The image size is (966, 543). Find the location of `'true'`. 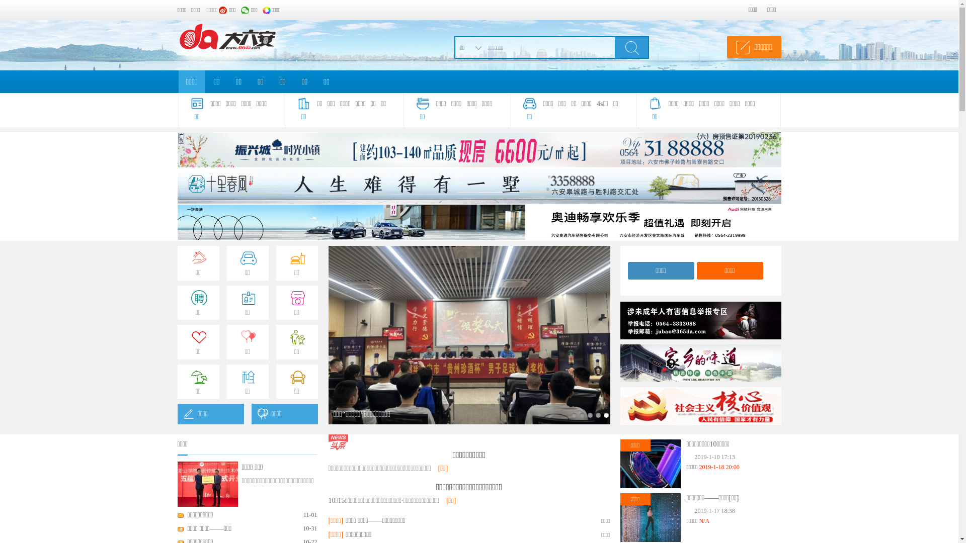

'true' is located at coordinates (630, 47).